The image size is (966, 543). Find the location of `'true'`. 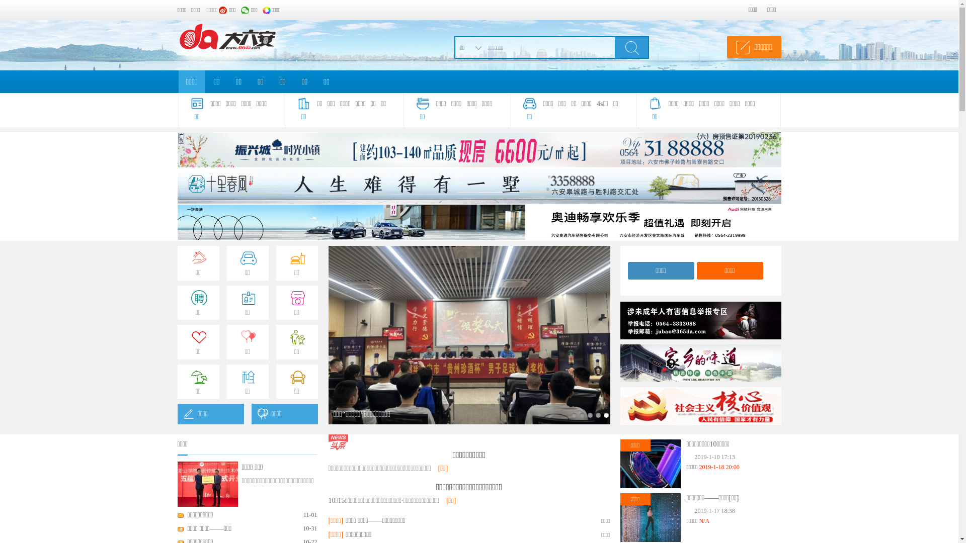

'true' is located at coordinates (630, 47).